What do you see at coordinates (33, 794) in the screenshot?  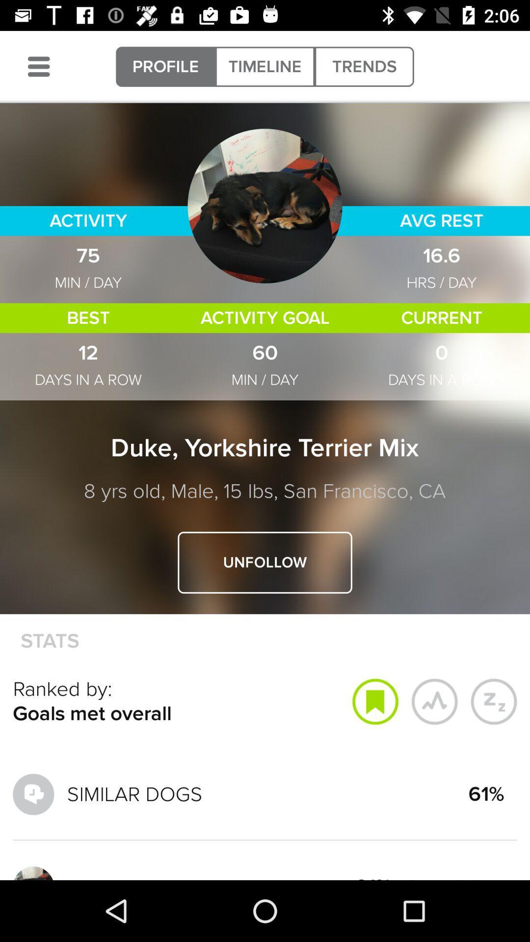 I see `the text icon which is left to the similar dogs` at bounding box center [33, 794].